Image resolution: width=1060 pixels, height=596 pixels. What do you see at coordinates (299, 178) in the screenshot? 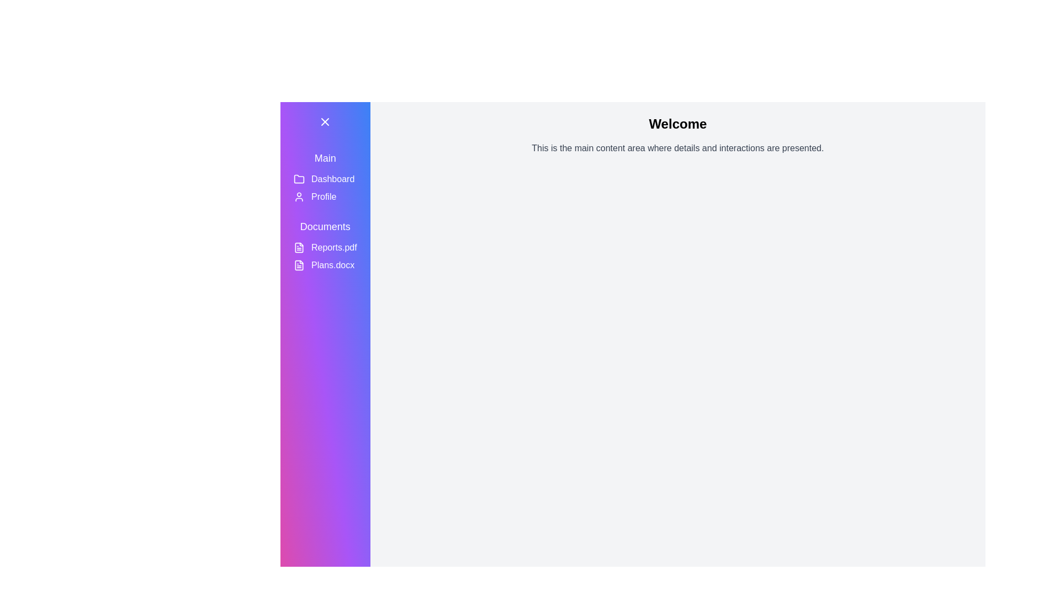
I see `the folder icon representing the 'Dashboard' menu entry in the vertical navigation sidebar by clicking on it` at bounding box center [299, 178].